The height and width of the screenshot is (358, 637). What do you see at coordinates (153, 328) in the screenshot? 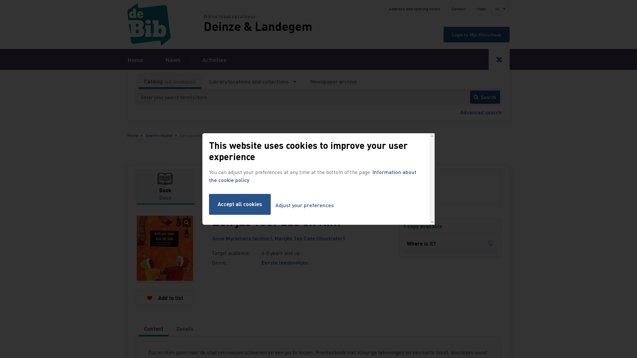
I see `'Content'` at bounding box center [153, 328].